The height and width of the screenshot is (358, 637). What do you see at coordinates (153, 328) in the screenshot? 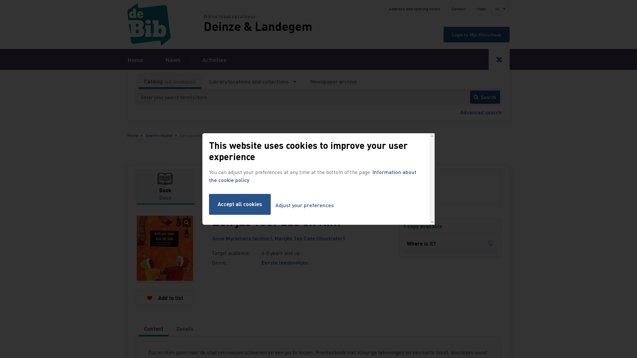
I see `'Content'` at bounding box center [153, 328].